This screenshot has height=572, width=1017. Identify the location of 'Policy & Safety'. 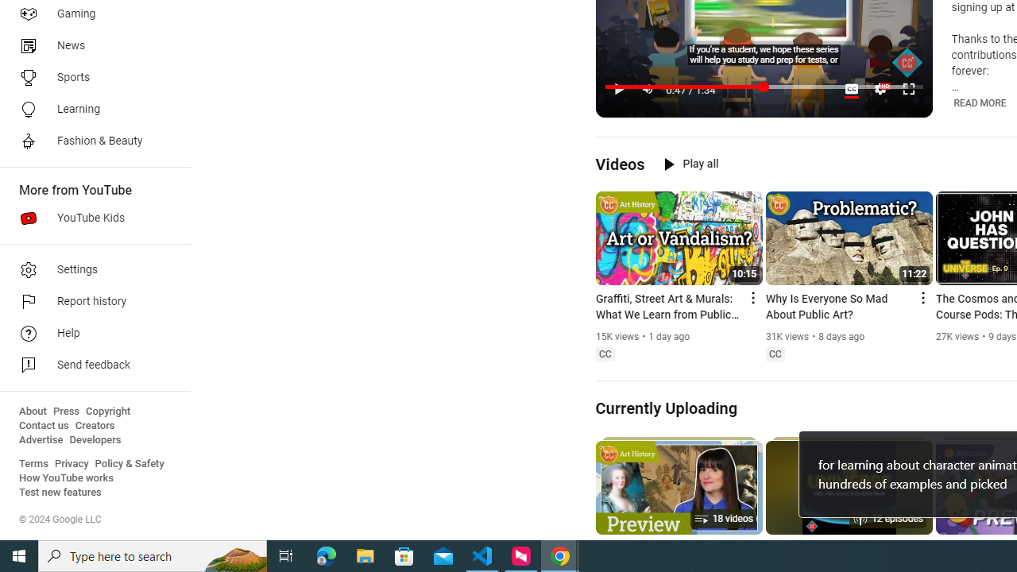
(130, 464).